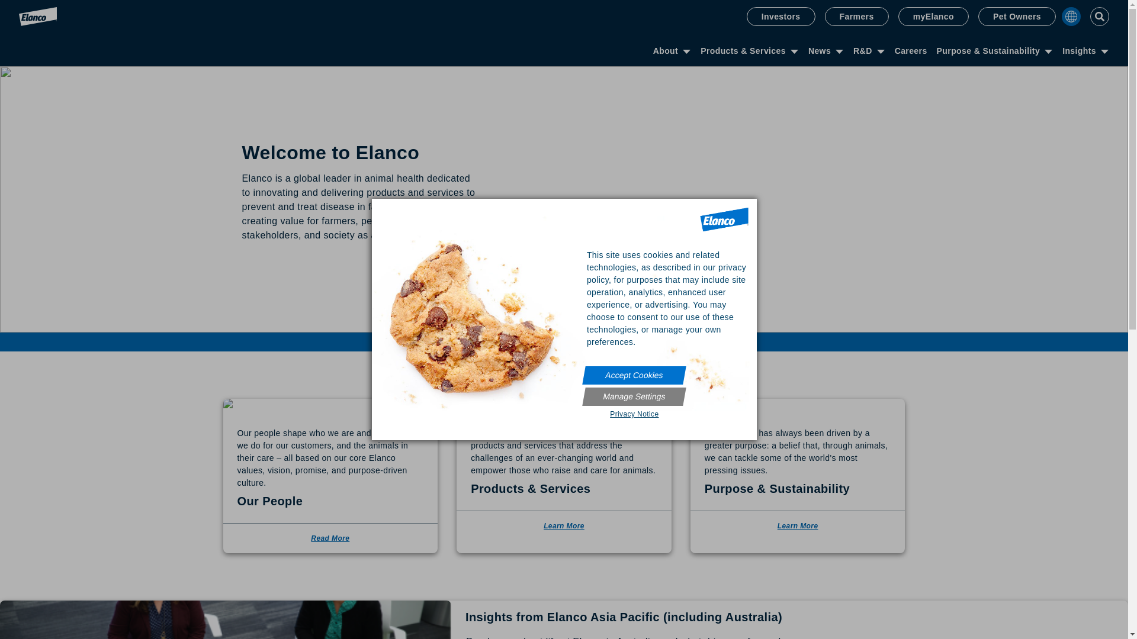 Image resolution: width=1137 pixels, height=639 pixels. I want to click on 'Privacy Notice', so click(634, 413).